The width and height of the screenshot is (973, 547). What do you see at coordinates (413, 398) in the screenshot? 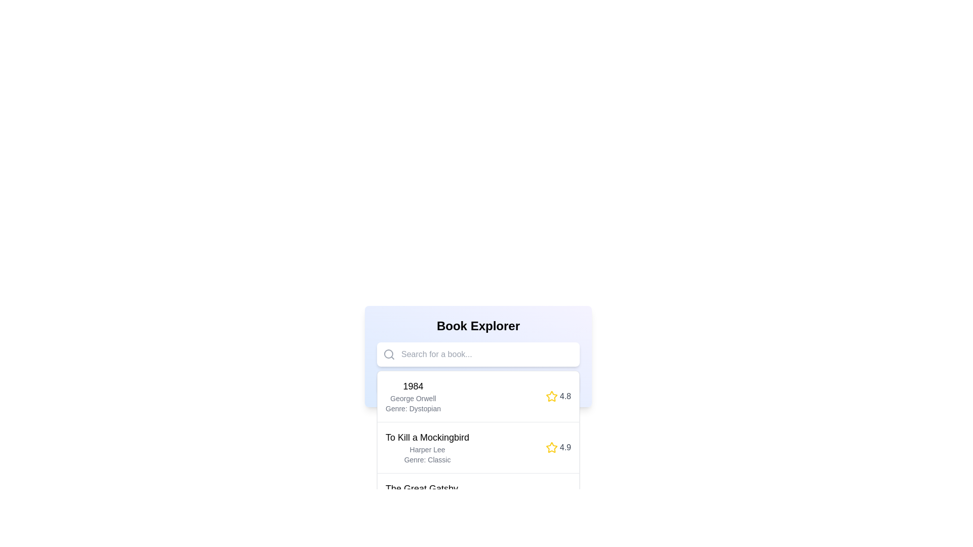
I see `author information text label located below the title '1984' and above the genre description 'Genre: Dystopian'` at bounding box center [413, 398].